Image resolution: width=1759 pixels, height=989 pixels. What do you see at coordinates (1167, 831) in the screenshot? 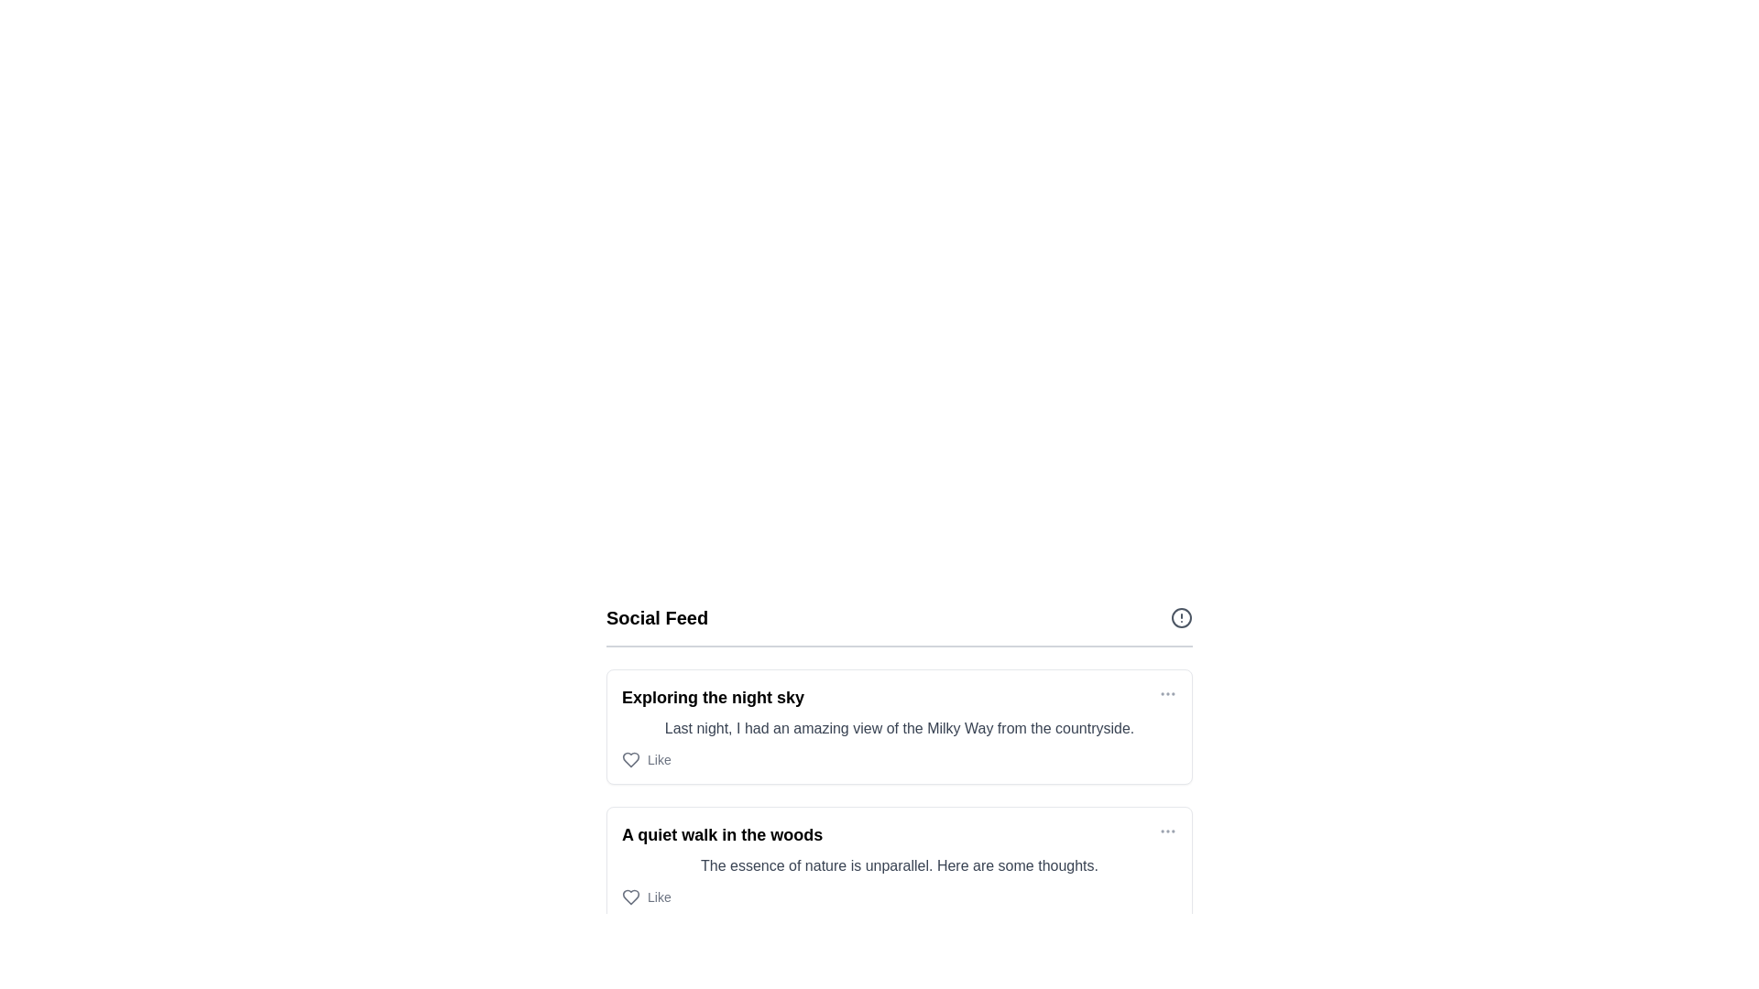
I see `the vertical ellipsis icon button, which is styled in gray and located to the right of the title 'A quiet walk in the woods'` at bounding box center [1167, 831].